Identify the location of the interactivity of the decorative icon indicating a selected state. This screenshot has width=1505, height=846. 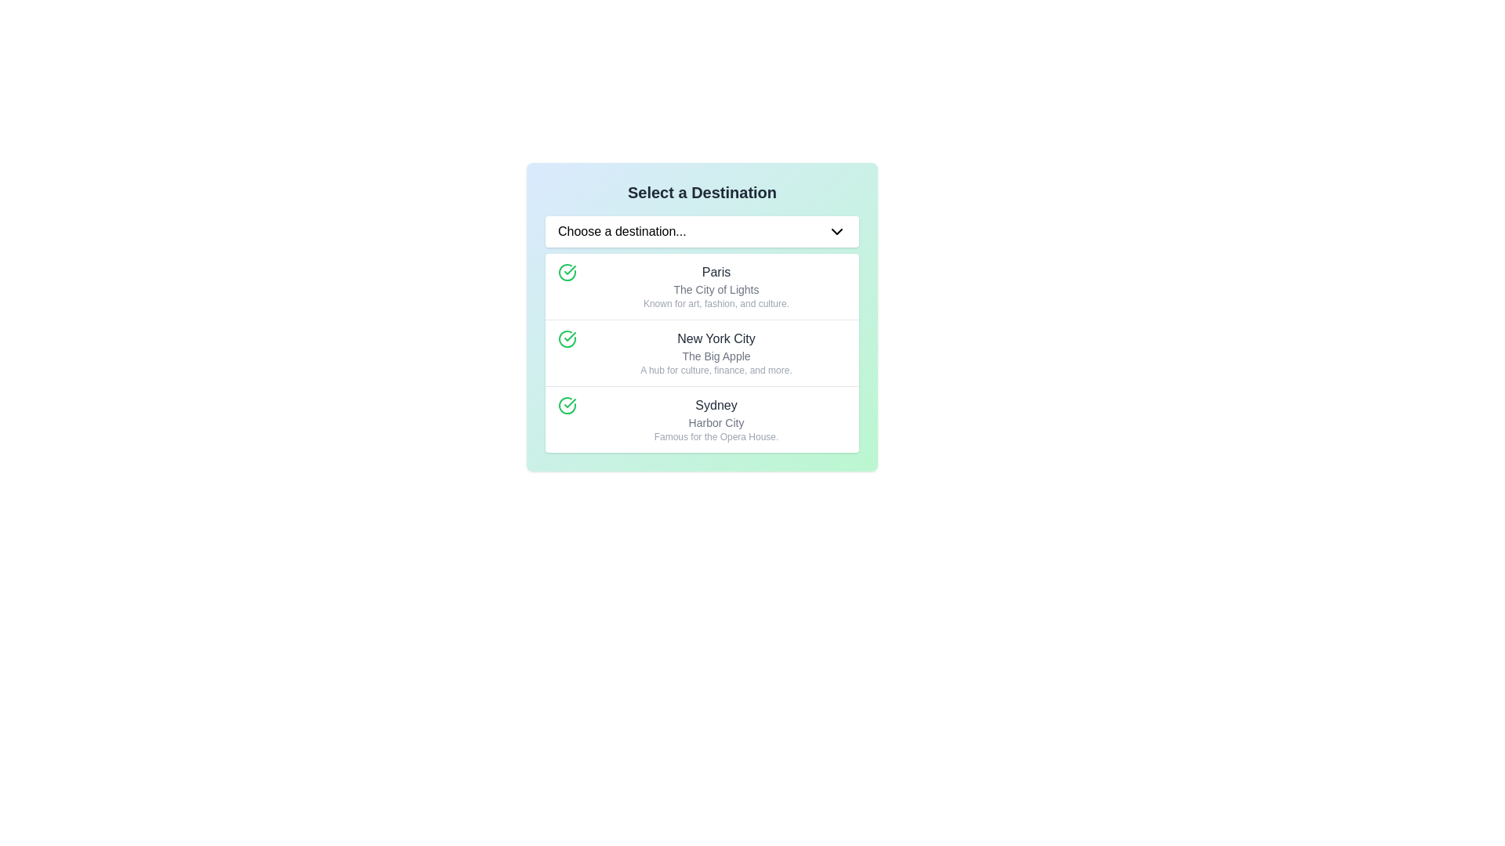
(567, 338).